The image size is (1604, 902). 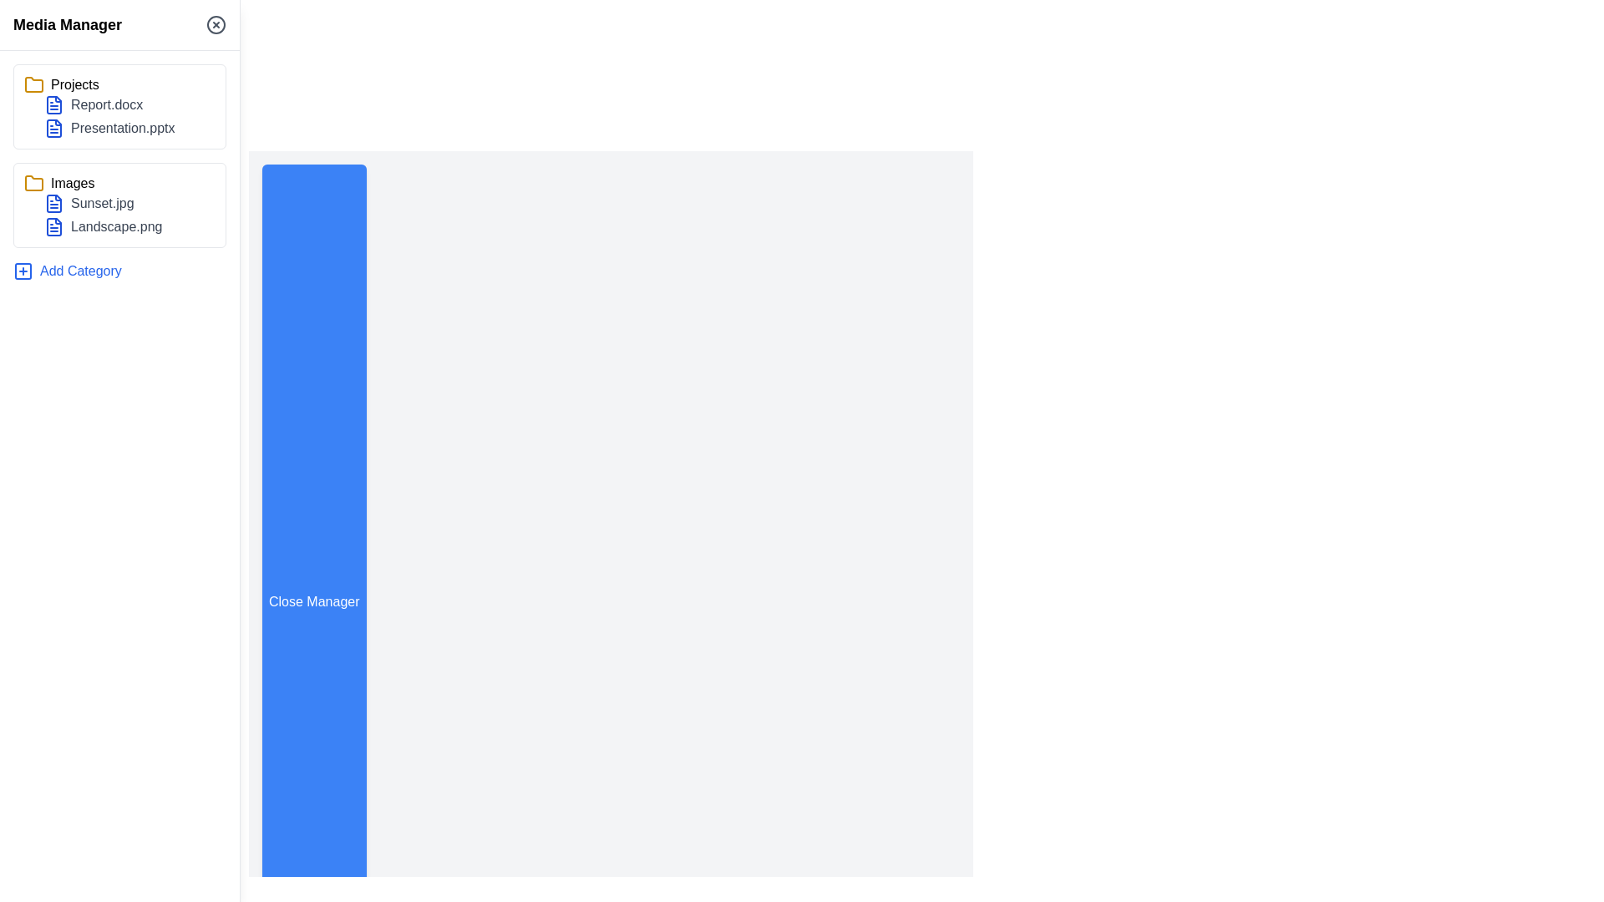 What do you see at coordinates (129, 105) in the screenshot?
I see `to select the file named 'Report.docx', the first item in the 'Projects' folder under the 'Media Manager' section` at bounding box center [129, 105].